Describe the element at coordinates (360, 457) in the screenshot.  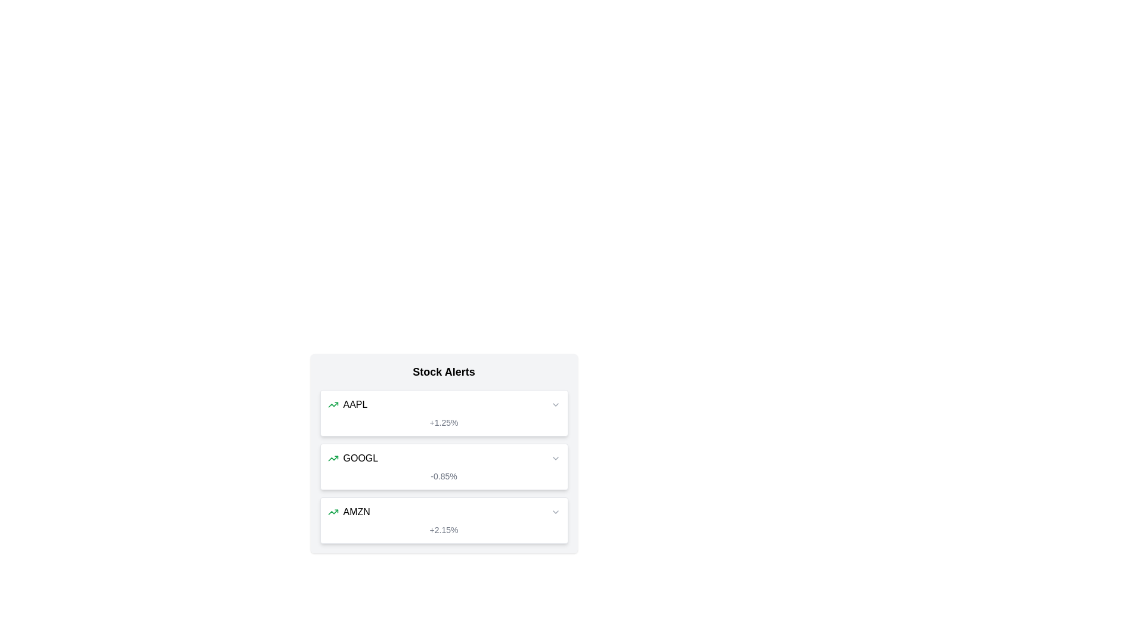
I see `the 'GOOGL' text label in the second row of the 'Stock Alerts' box, which is styled in a medium-weight font and located next to a green trend icon` at that location.